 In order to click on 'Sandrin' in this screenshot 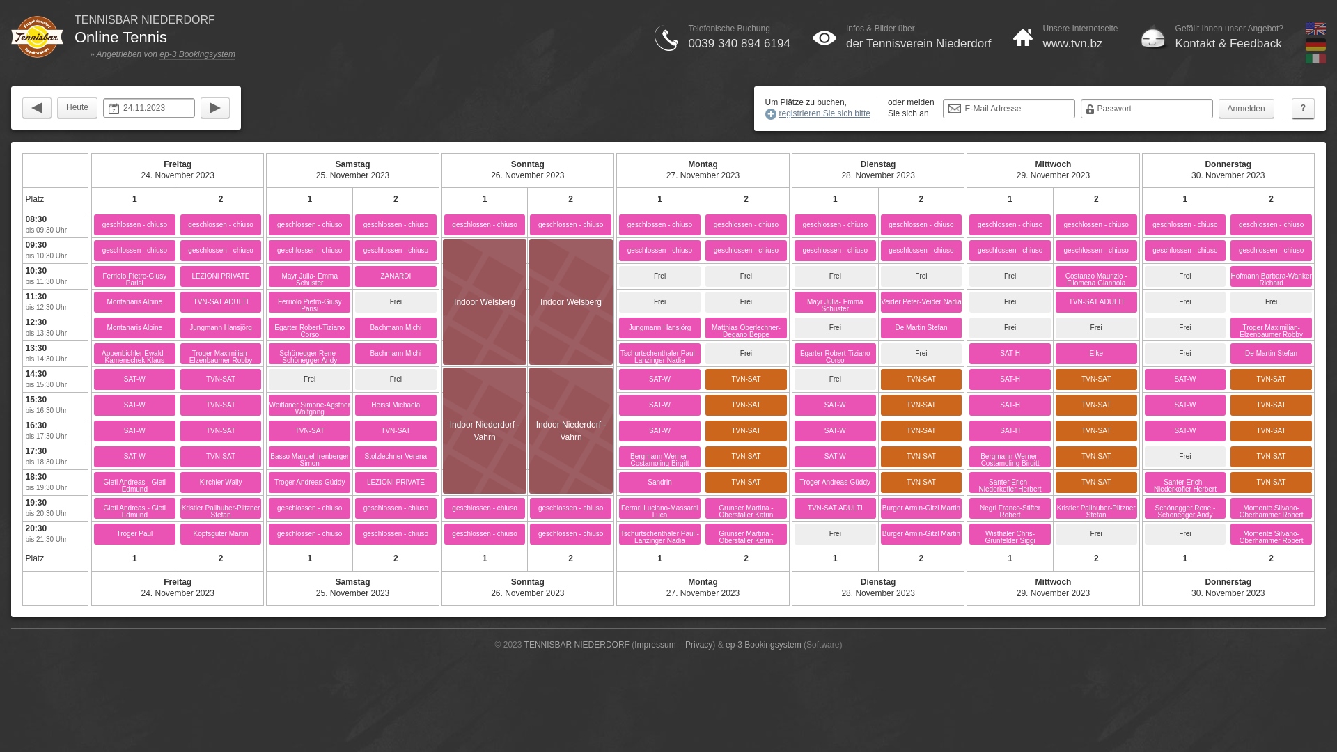, I will do `click(659, 482)`.